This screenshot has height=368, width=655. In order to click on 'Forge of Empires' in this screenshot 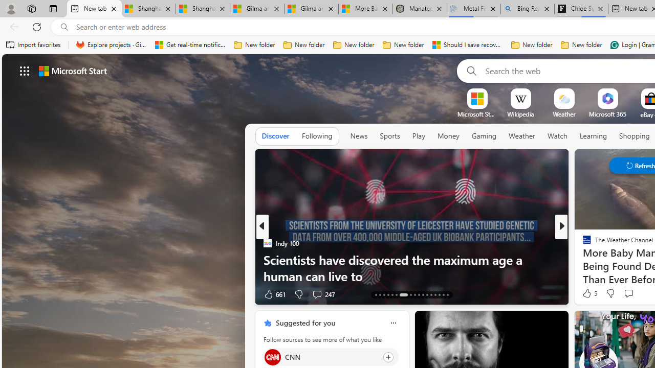, I will do `click(601, 259)`.